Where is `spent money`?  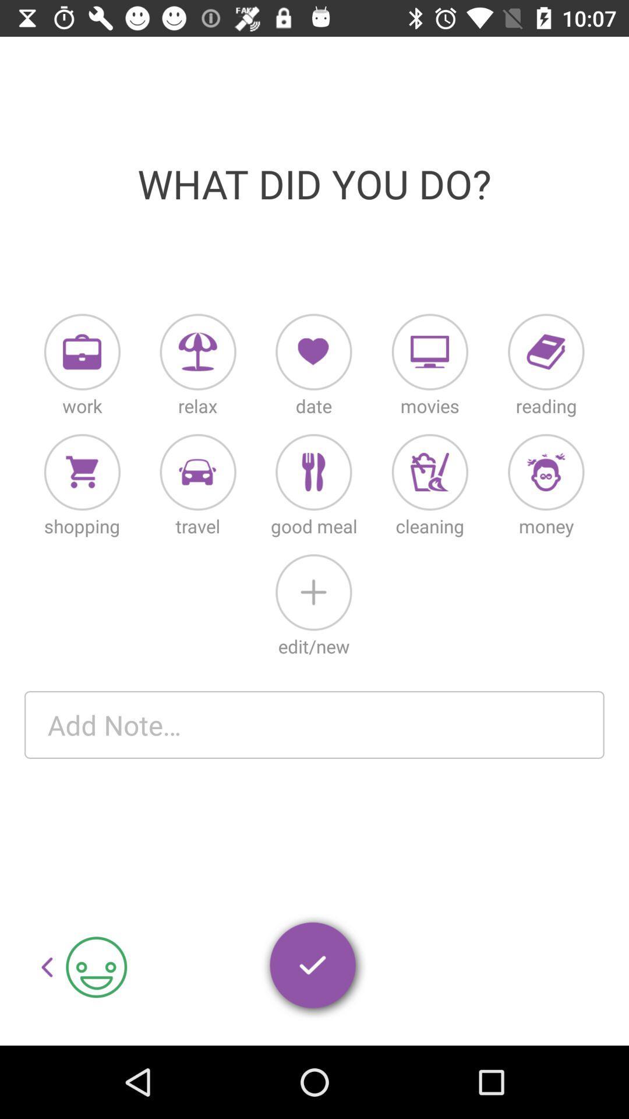
spent money is located at coordinates (546, 472).